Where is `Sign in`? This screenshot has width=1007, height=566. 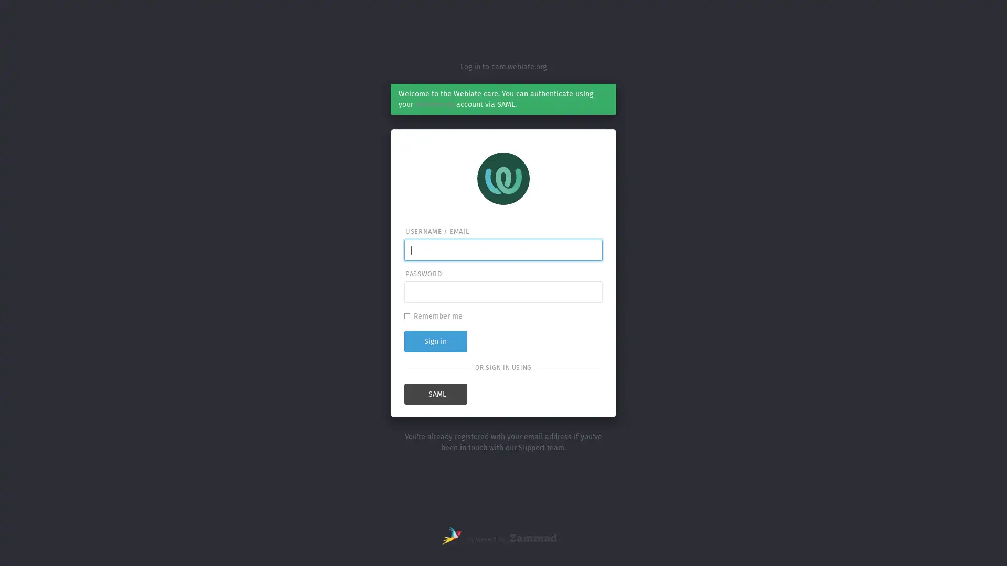 Sign in is located at coordinates (435, 341).